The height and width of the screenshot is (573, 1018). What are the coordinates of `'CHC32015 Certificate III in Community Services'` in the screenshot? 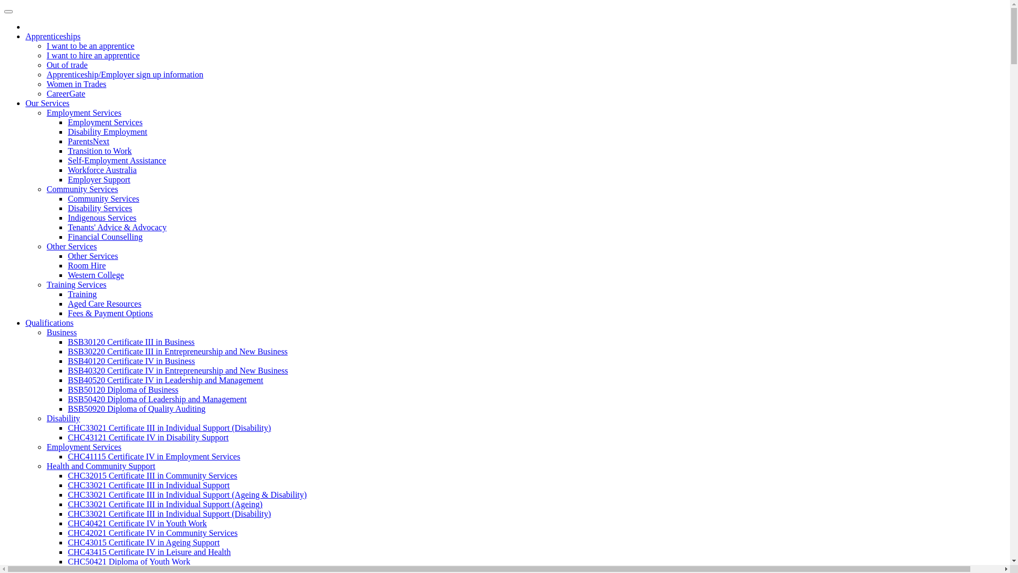 It's located at (152, 475).